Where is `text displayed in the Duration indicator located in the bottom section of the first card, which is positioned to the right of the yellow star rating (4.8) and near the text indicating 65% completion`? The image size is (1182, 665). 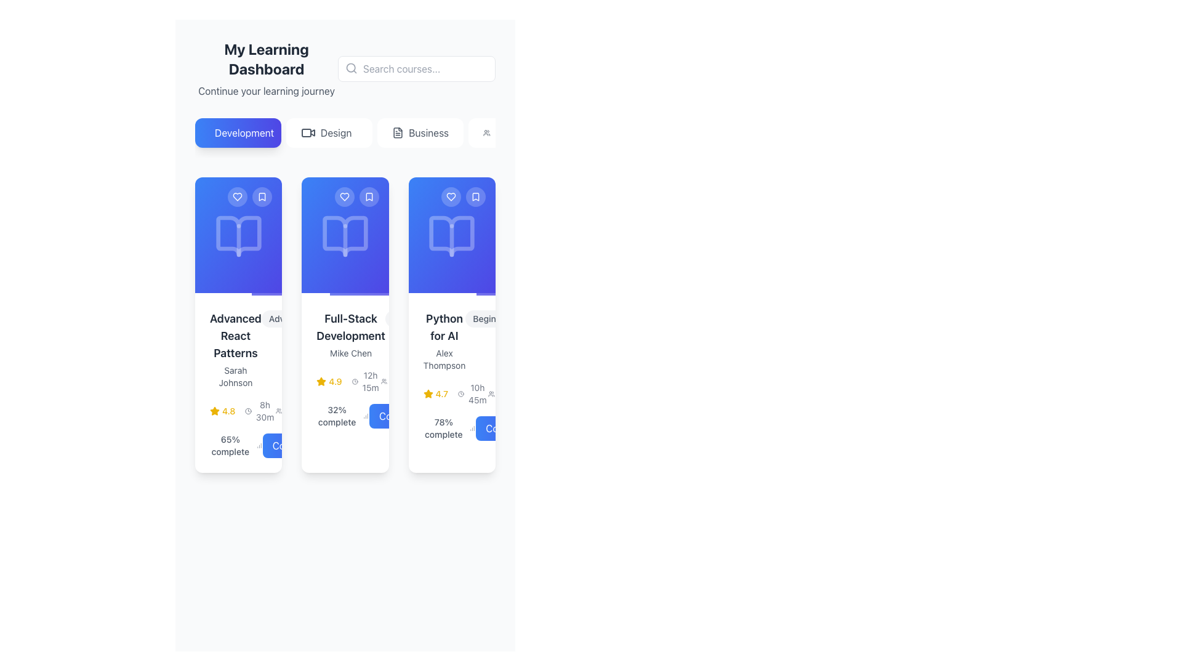
text displayed in the Duration indicator located in the bottom section of the first card, which is positioned to the right of the yellow star rating (4.8) and near the text indicating 65% completion is located at coordinates (260, 411).